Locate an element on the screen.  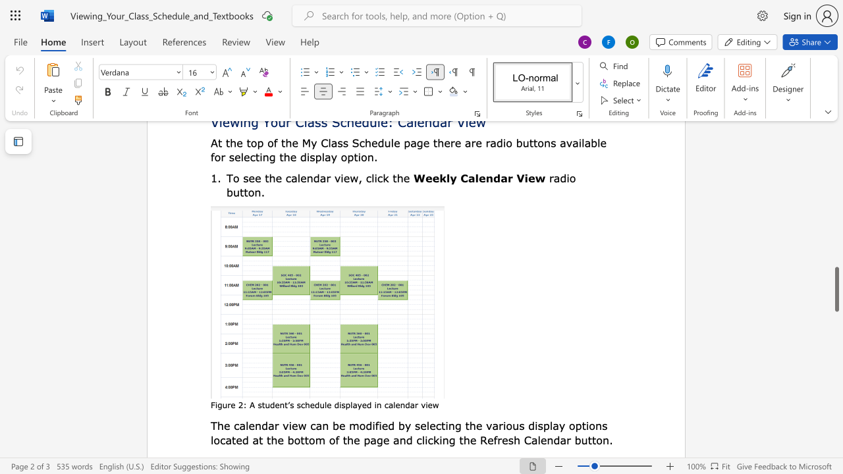
the scrollbar to scroll the page up is located at coordinates (836, 150).